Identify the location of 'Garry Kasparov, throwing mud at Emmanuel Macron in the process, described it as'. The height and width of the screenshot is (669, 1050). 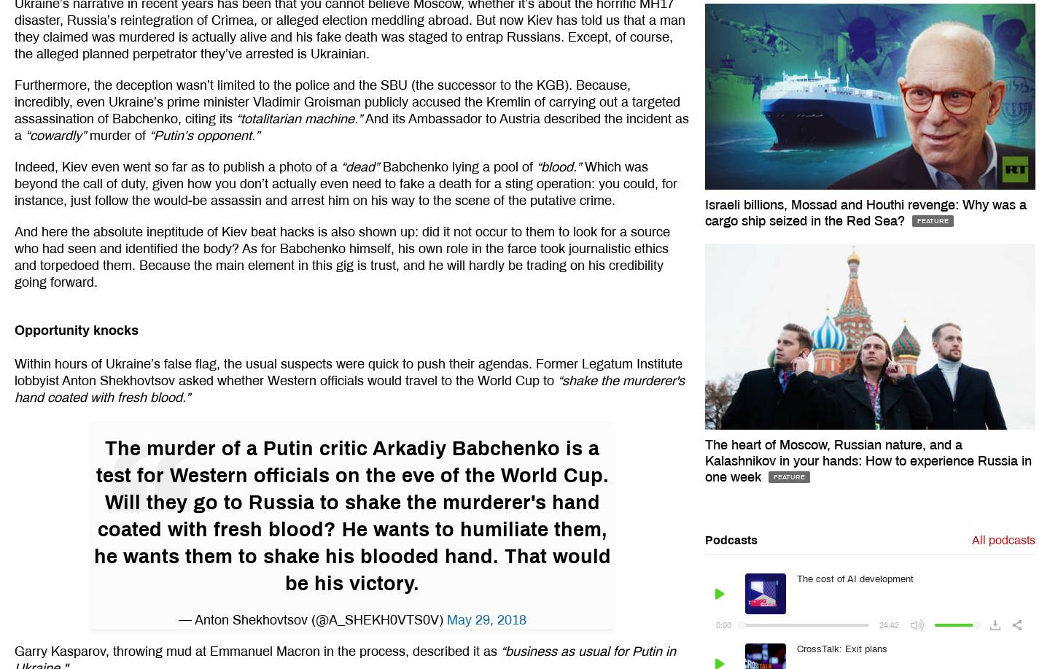
(257, 649).